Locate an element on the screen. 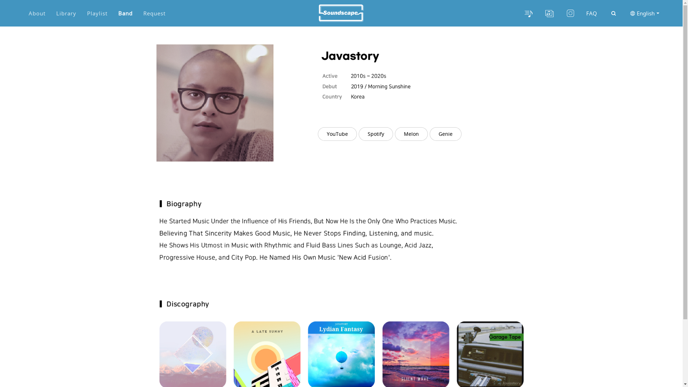 The height and width of the screenshot is (387, 688). 'Melon' is located at coordinates (411, 134).